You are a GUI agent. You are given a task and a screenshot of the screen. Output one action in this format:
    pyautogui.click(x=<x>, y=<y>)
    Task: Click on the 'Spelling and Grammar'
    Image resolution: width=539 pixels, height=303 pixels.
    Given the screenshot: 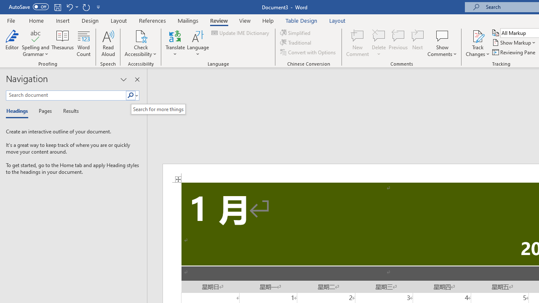 What is the action you would take?
    pyautogui.click(x=35, y=43)
    